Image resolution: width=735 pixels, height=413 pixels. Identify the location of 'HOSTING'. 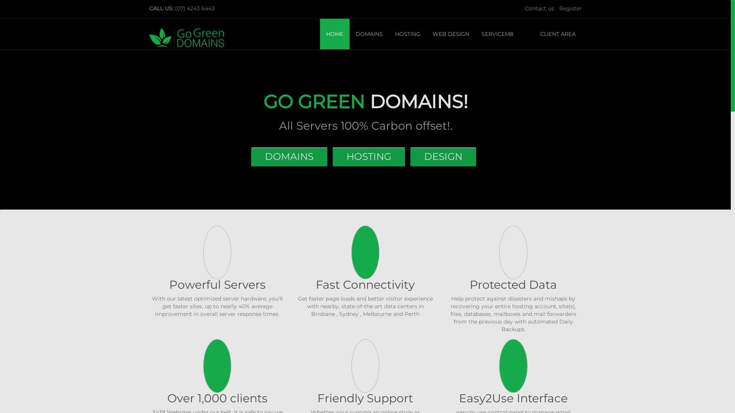
(407, 33).